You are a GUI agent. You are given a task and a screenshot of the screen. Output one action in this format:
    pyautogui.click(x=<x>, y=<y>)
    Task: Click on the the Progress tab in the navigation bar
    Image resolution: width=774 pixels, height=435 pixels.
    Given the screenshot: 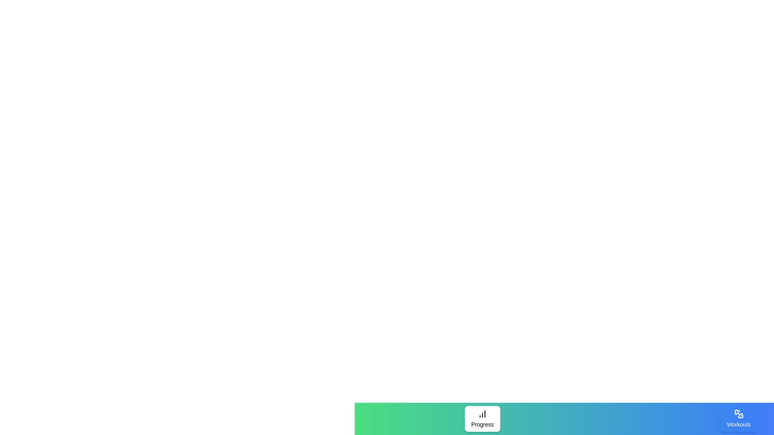 What is the action you would take?
    pyautogui.click(x=483, y=418)
    